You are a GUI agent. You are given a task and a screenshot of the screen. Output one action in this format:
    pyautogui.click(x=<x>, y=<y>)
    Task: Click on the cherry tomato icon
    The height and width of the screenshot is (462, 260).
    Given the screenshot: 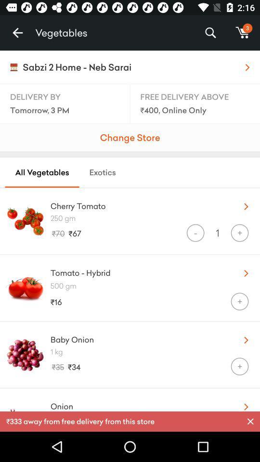 What is the action you would take?
    pyautogui.click(x=138, y=204)
    